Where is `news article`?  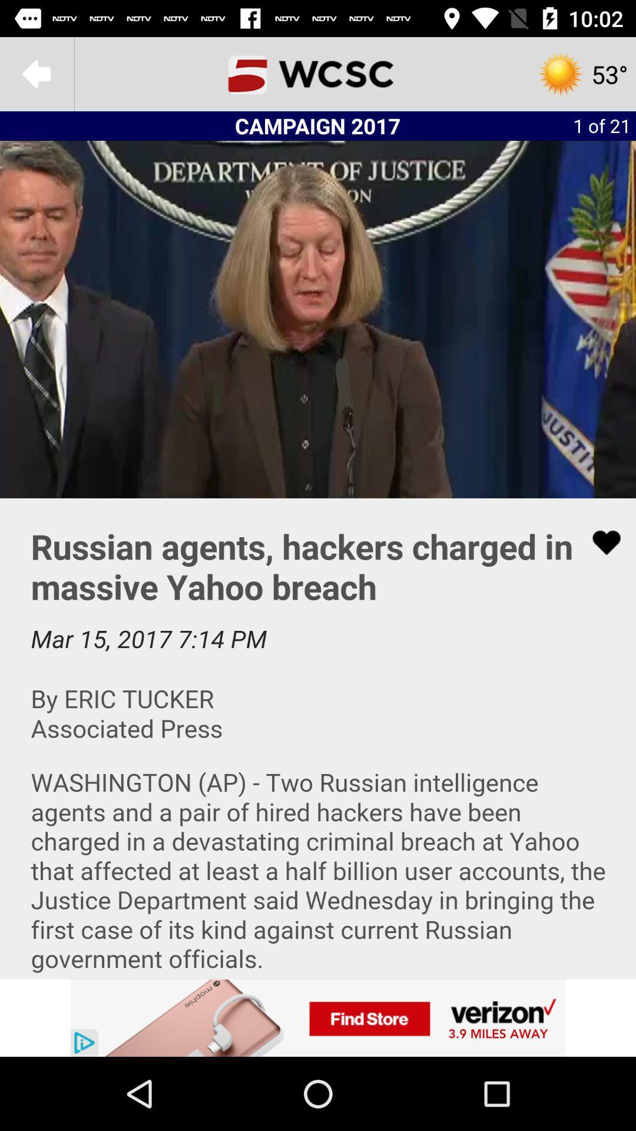 news article is located at coordinates (318, 738).